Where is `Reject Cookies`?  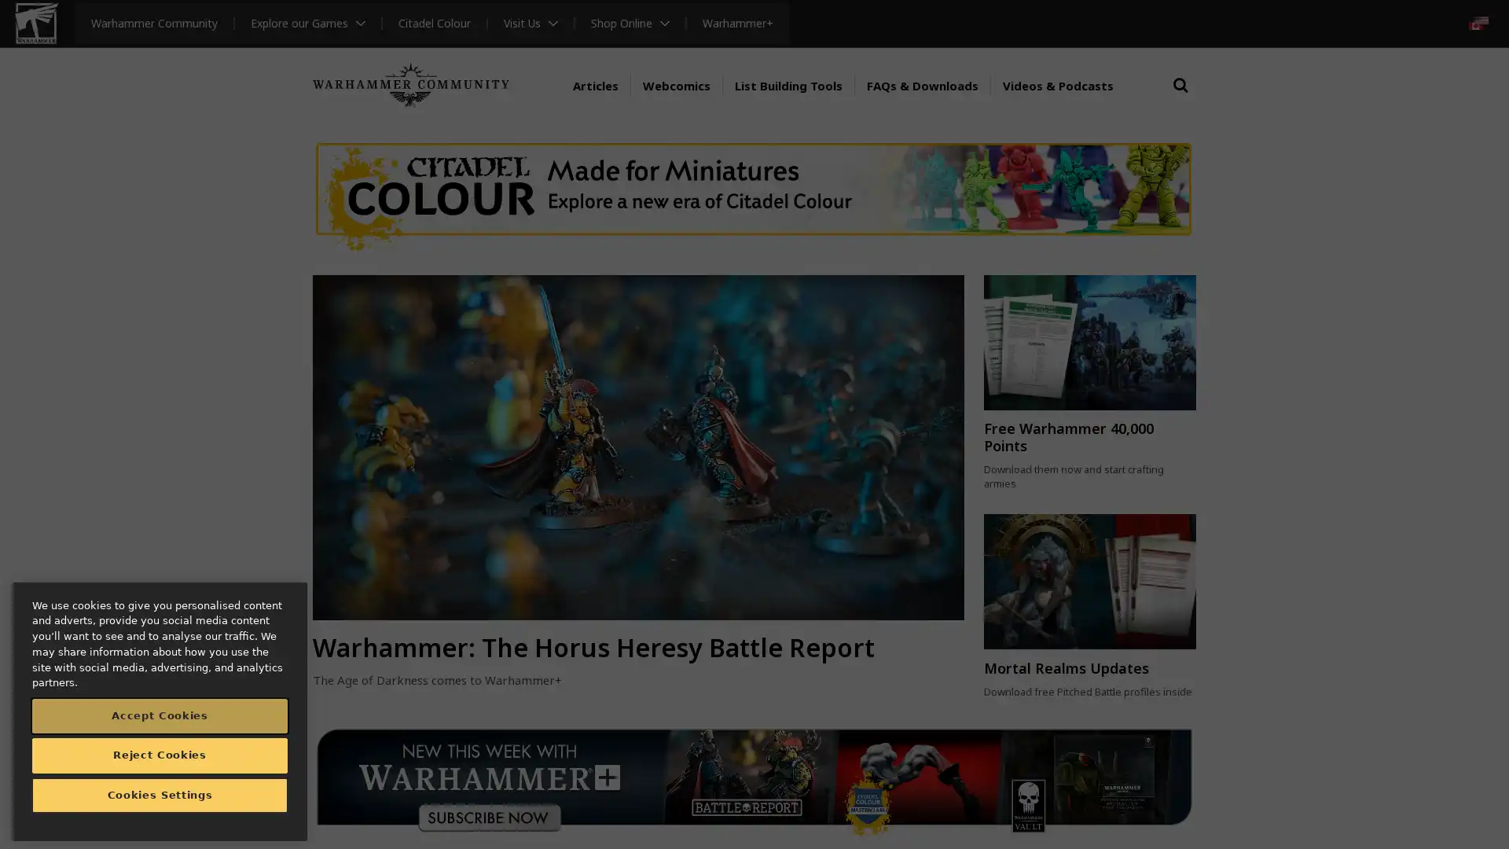
Reject Cookies is located at coordinates (160, 754).